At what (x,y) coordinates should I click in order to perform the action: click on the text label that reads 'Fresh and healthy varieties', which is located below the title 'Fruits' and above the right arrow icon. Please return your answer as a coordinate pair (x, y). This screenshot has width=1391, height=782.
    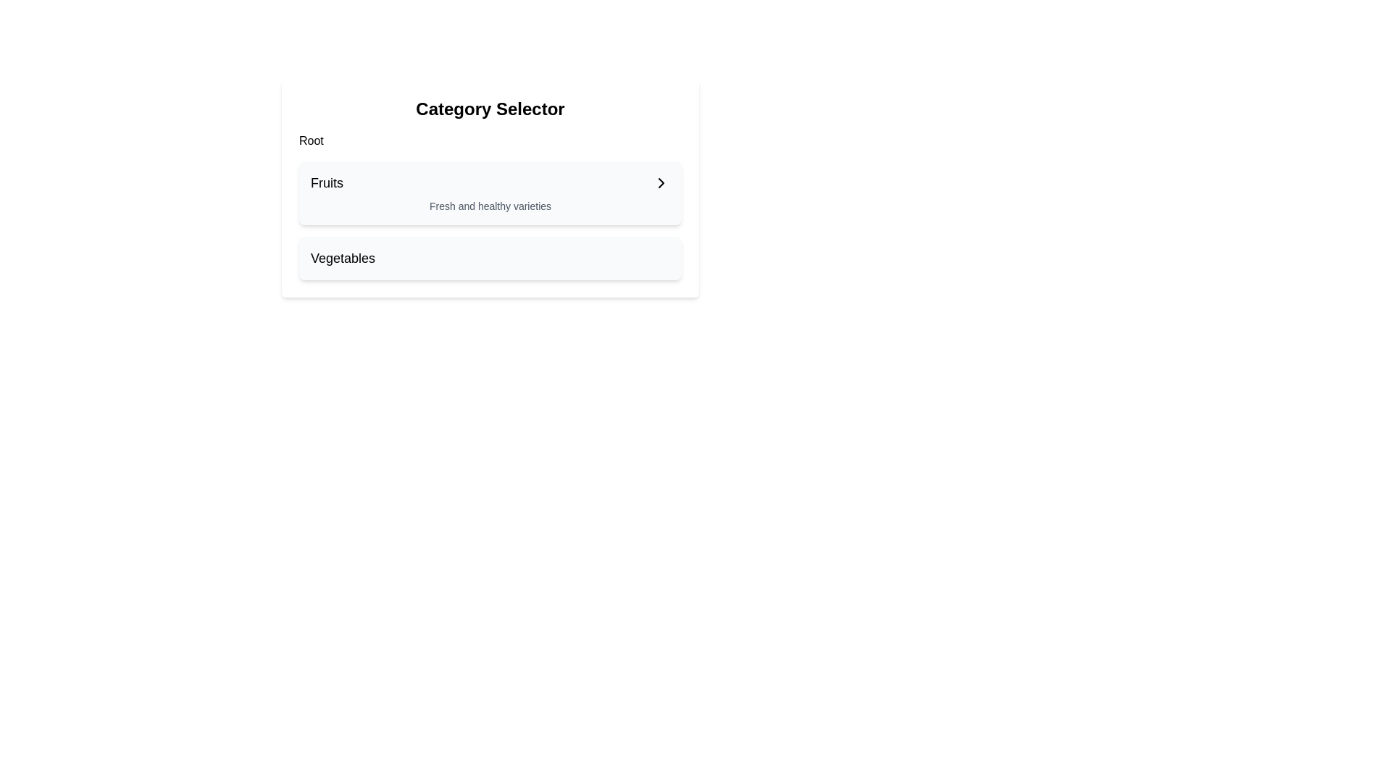
    Looking at the image, I should click on (490, 206).